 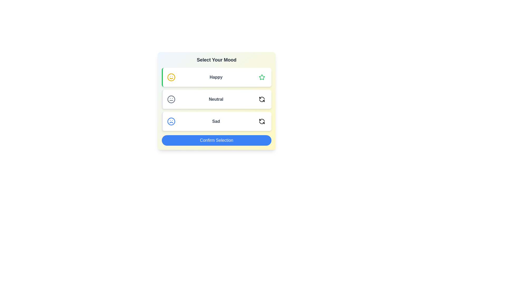 I want to click on the emoji corresponding to Neutral, so click(x=262, y=99).